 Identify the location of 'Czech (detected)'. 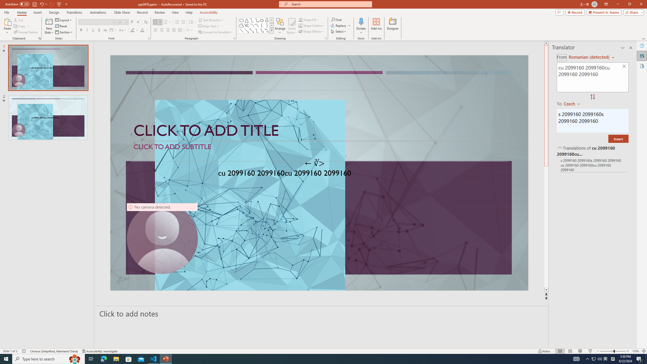
(588, 57).